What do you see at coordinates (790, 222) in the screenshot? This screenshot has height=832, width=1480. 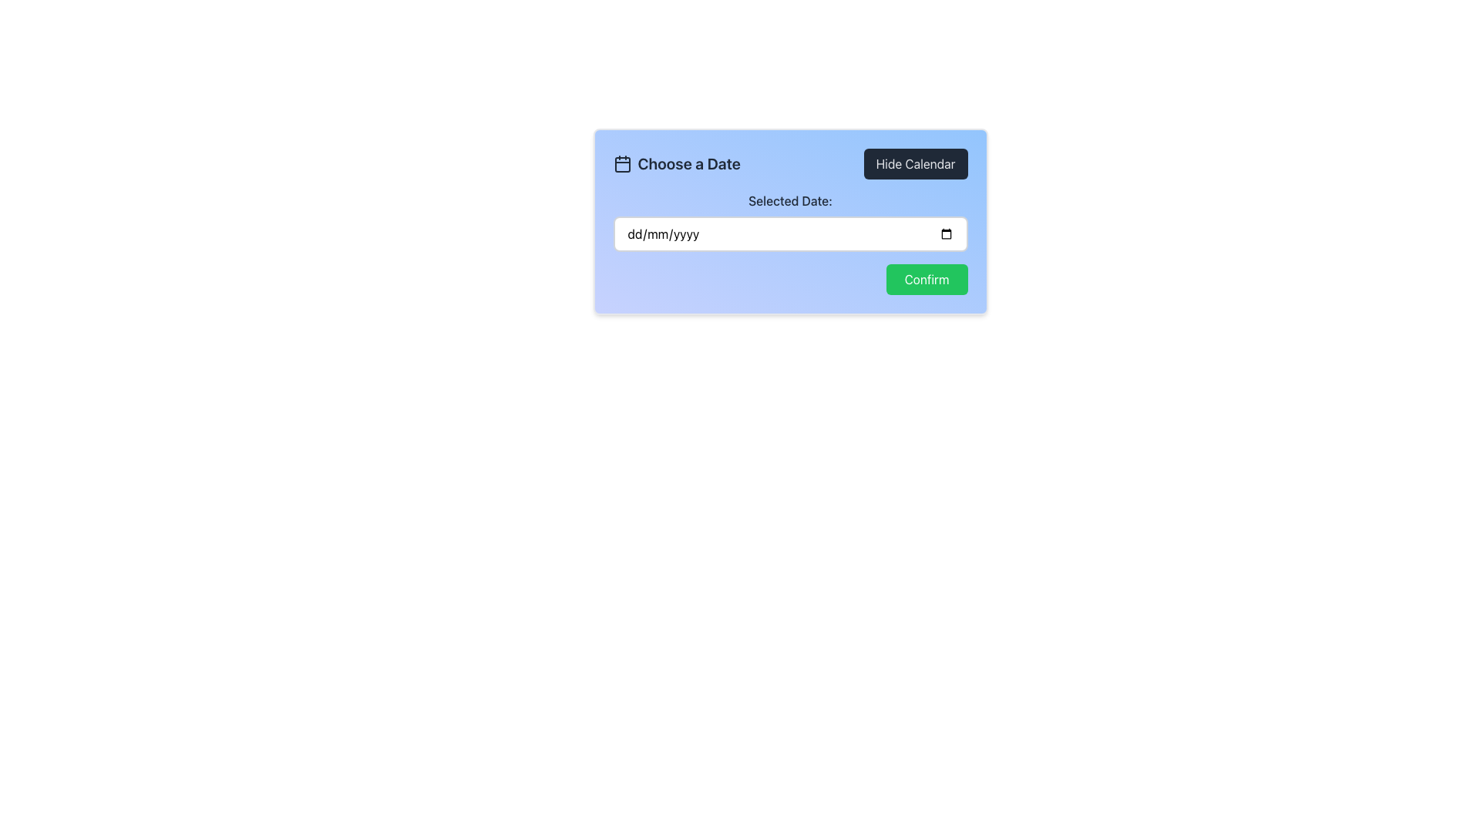 I see `the Date Picker Input Field Group located below the heading 'Choose a Date' by clicking on the input box` at bounding box center [790, 222].